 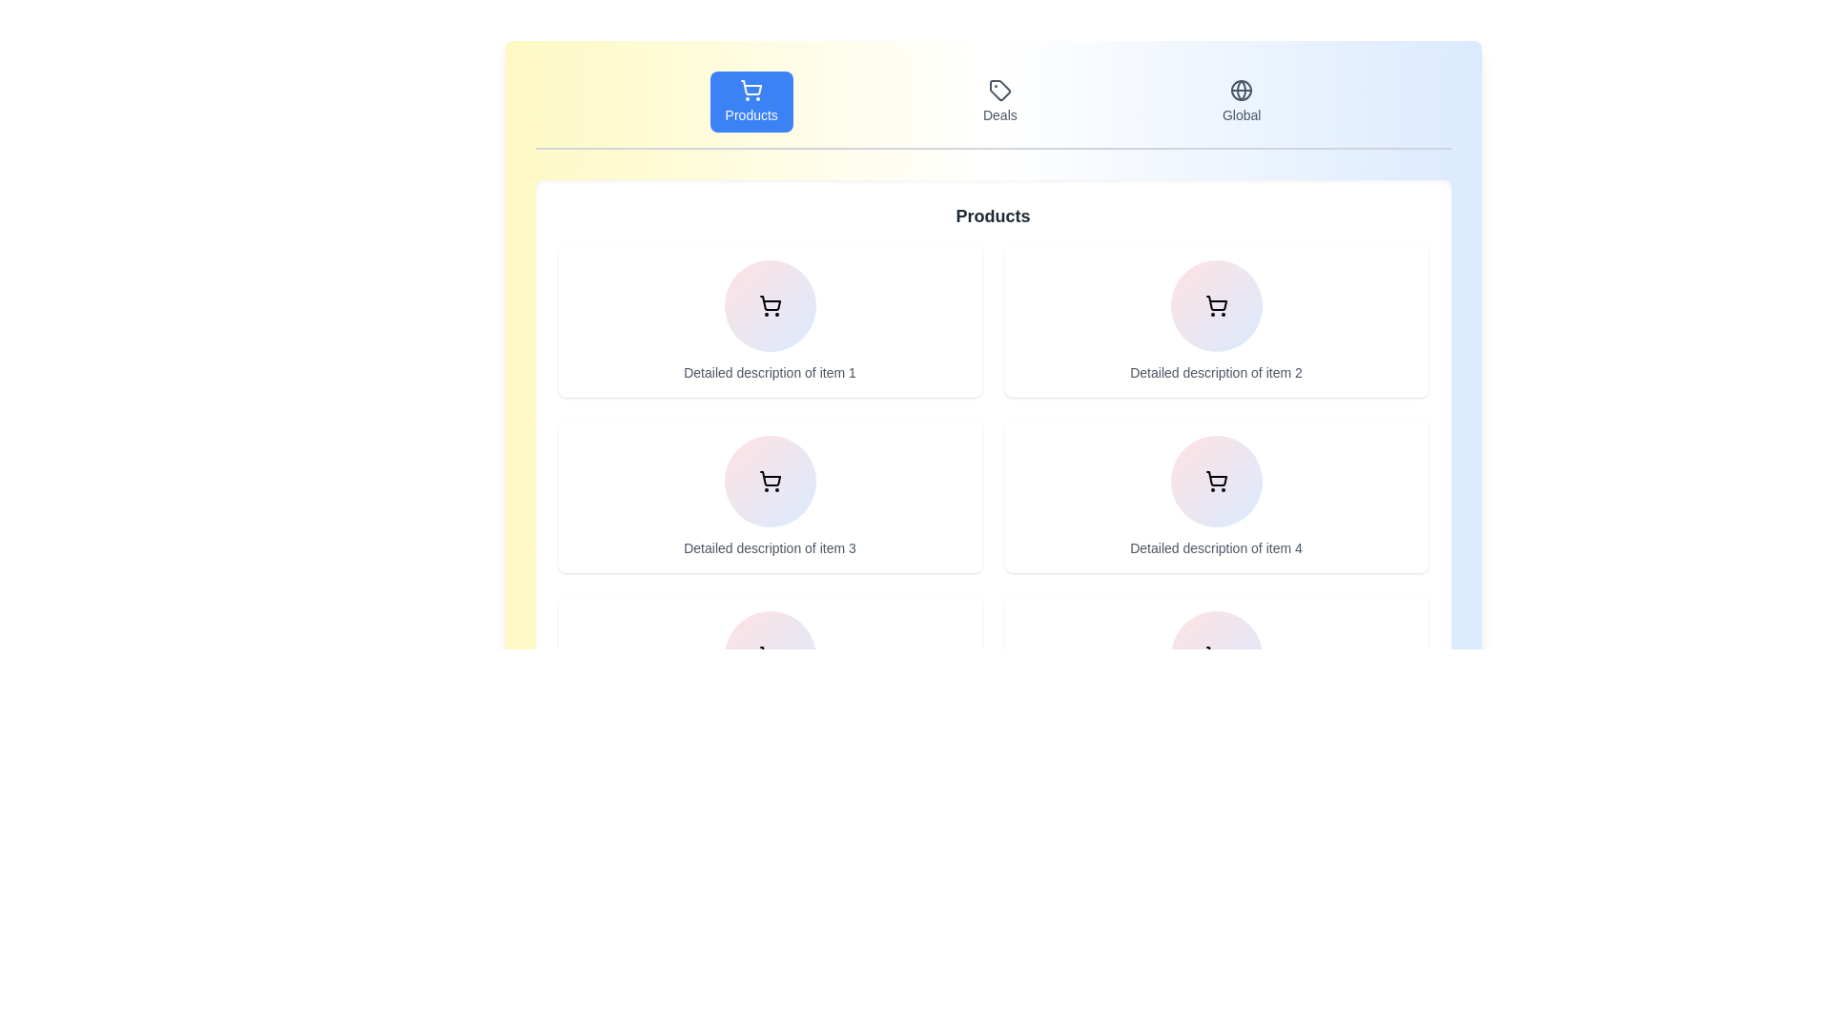 I want to click on the Deals tab by clicking on the corresponding button, so click(x=998, y=102).